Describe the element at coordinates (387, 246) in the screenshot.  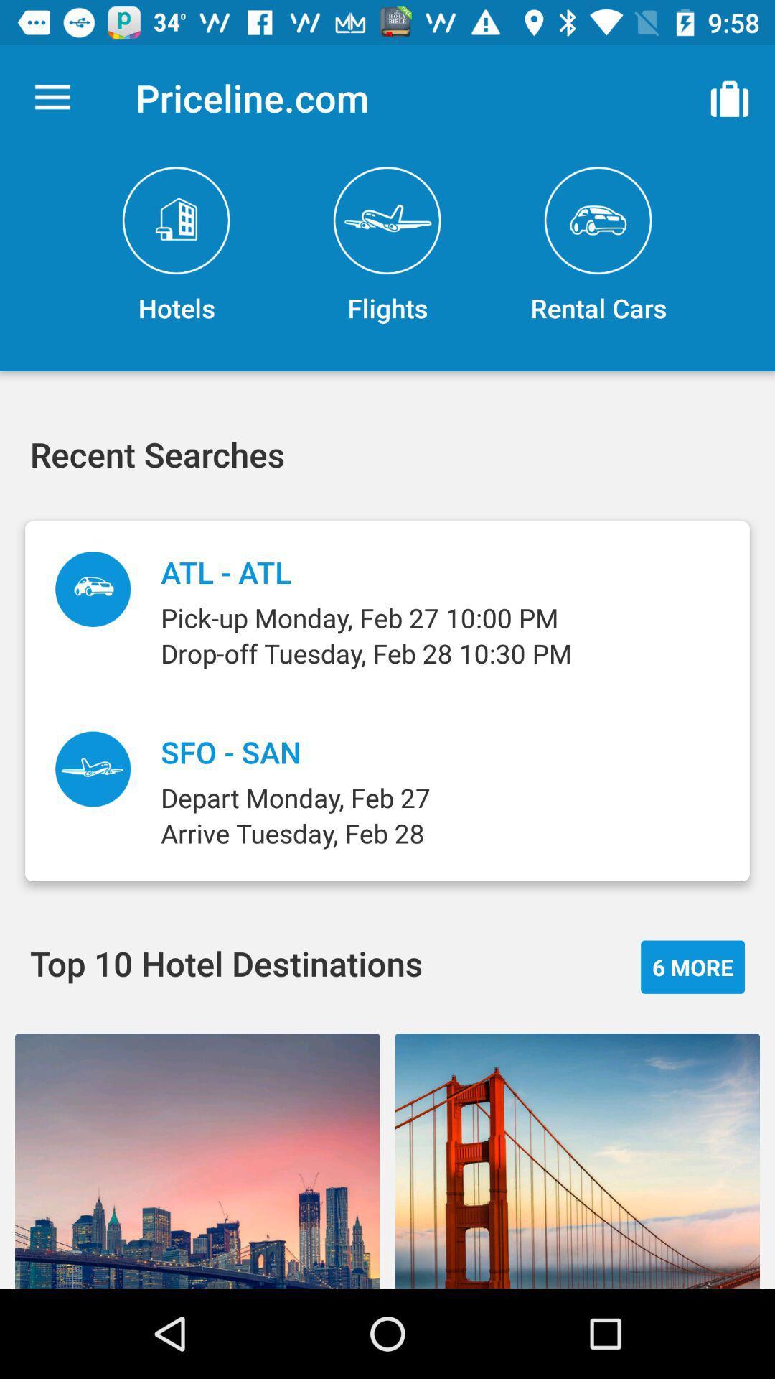
I see `icon above atl - atl icon` at that location.